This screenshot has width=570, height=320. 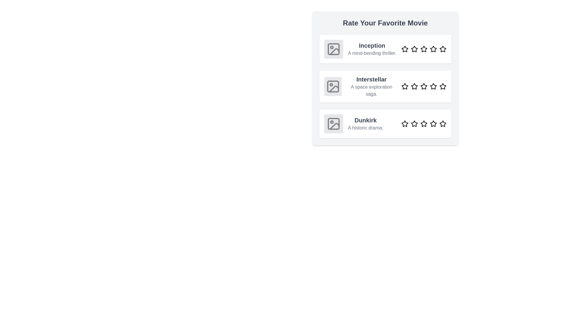 I want to click on the Image Placeholder associated with the movie 'Interstellar', which is located as the leftmost component in the second row below the header, so click(x=333, y=87).